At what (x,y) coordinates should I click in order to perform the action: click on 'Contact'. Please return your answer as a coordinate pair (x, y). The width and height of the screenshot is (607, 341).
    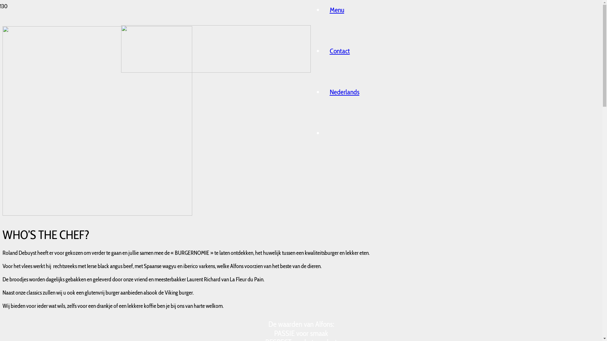
    Looking at the image, I should click on (339, 51).